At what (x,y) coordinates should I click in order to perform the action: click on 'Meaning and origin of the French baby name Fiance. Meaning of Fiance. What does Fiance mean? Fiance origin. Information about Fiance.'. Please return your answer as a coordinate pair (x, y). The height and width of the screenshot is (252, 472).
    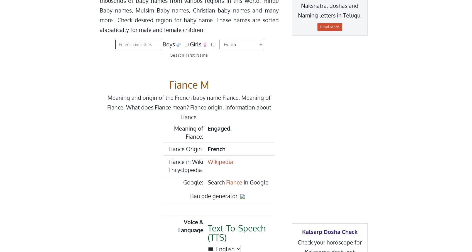
    Looking at the image, I should click on (189, 107).